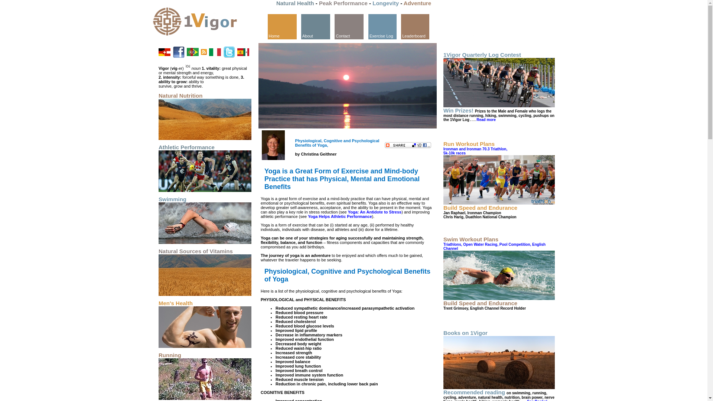 The width and height of the screenshot is (713, 401). I want to click on 'Read more', so click(485, 119).